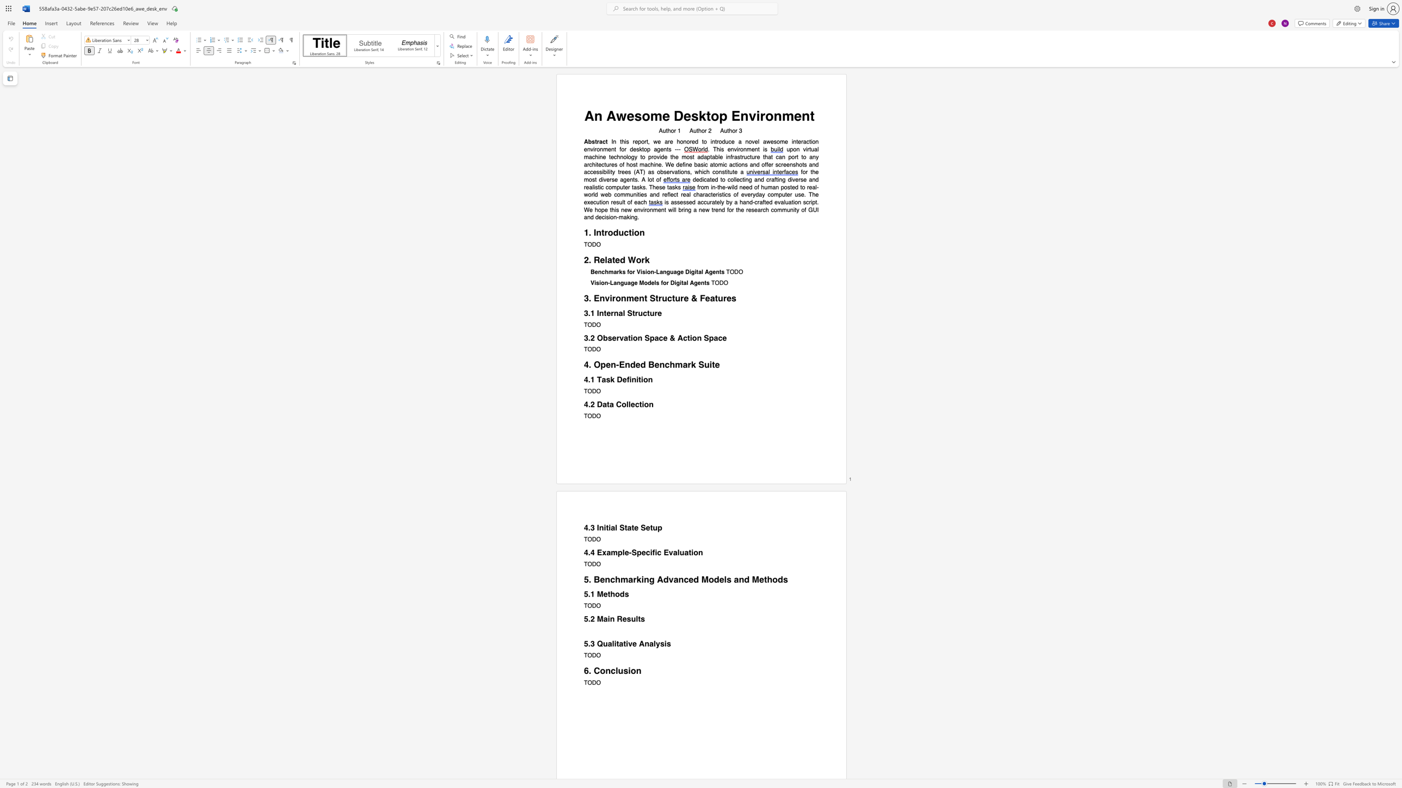 The image size is (1402, 788). I want to click on the subset text "nitial St" within the text "4.3 Initial State Setup", so click(599, 527).